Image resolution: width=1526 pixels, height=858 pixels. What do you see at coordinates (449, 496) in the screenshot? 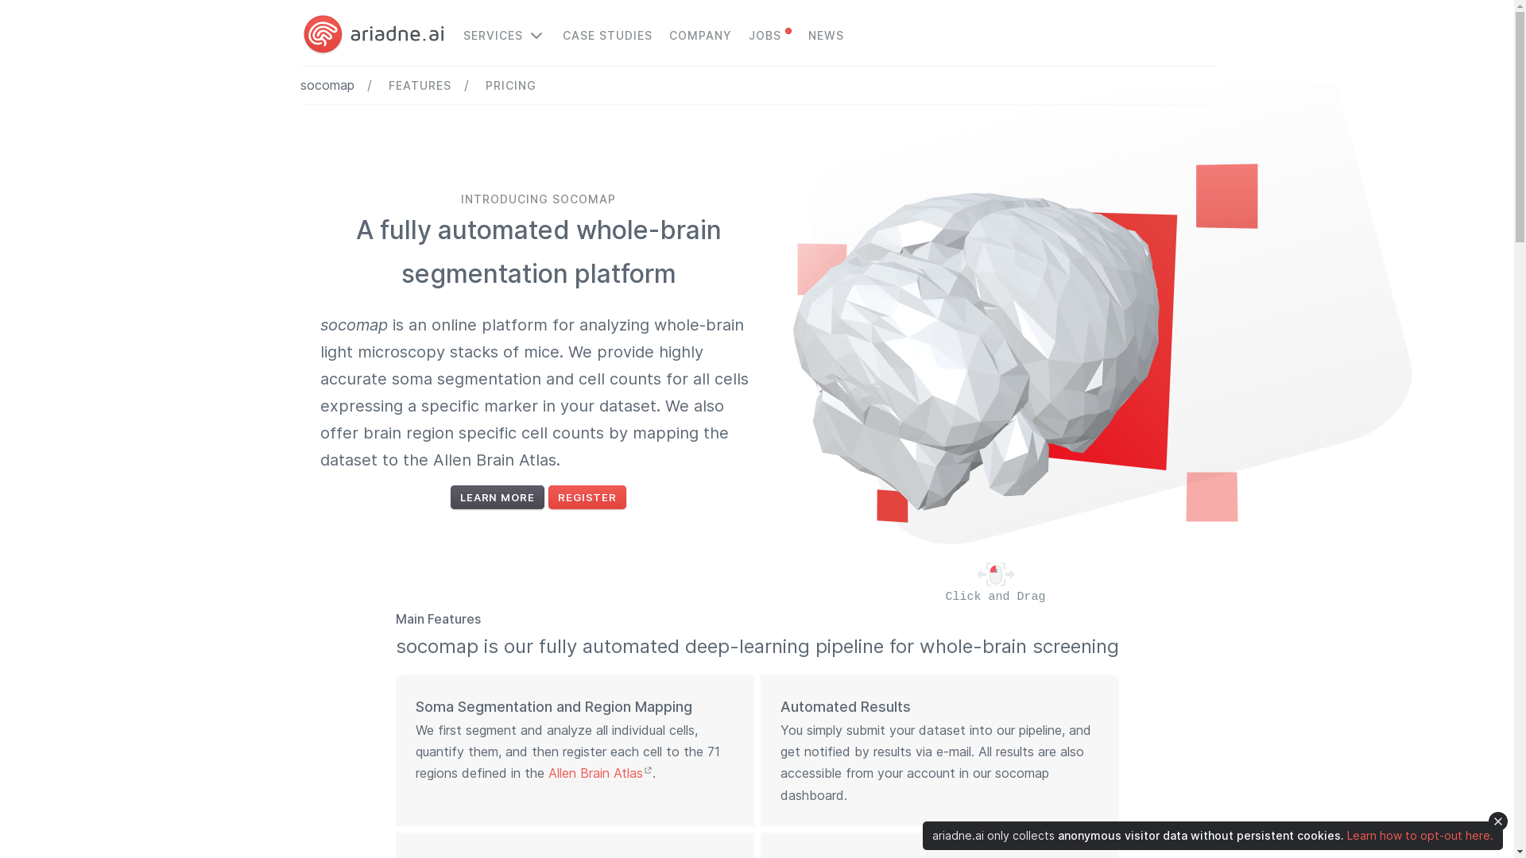
I see `'LEARN MORE'` at bounding box center [449, 496].